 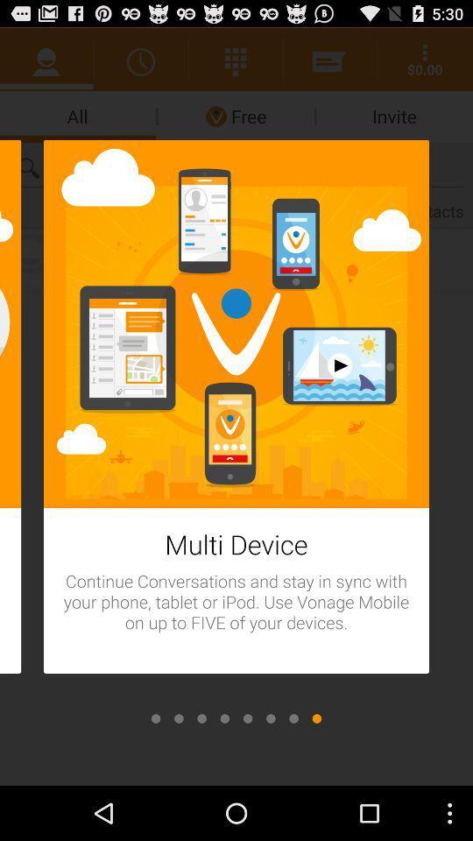 I want to click on the next page, so click(x=224, y=718).